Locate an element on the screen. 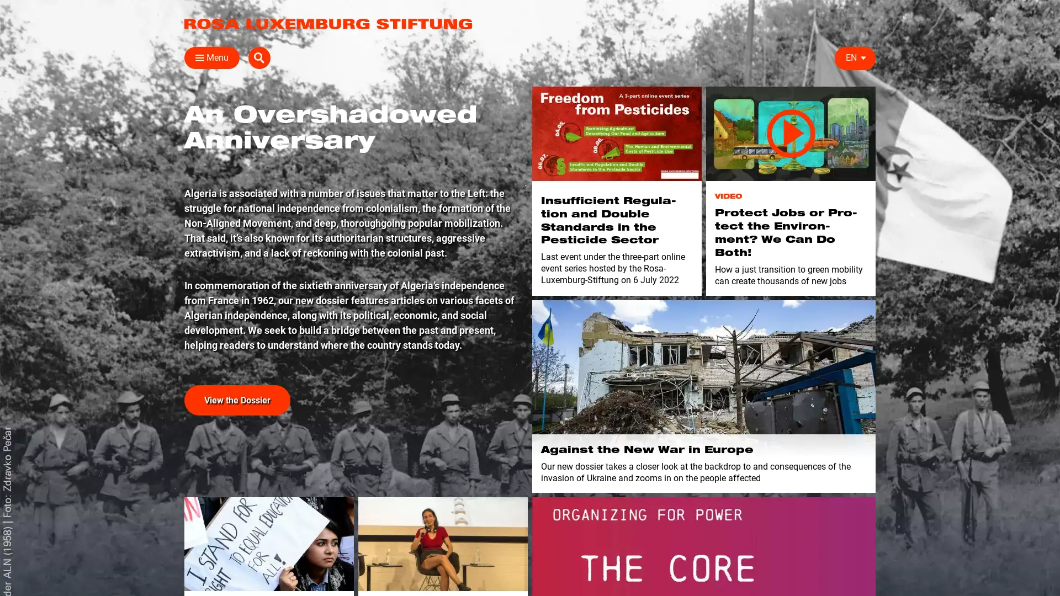 The width and height of the screenshot is (1060, 596). Show more / less is located at coordinates (352, 200).